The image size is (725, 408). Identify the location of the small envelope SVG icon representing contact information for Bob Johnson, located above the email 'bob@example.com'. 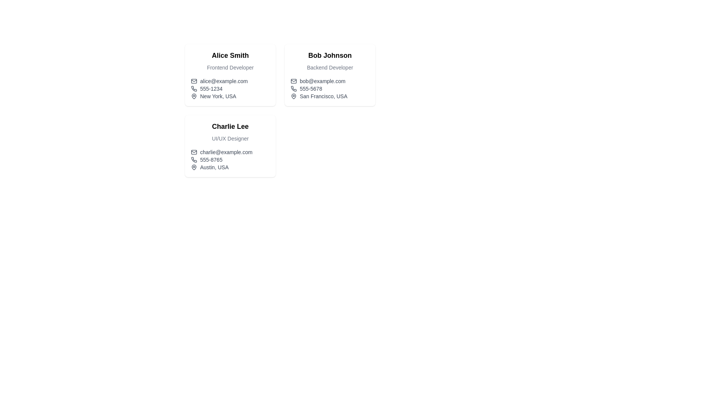
(293, 81).